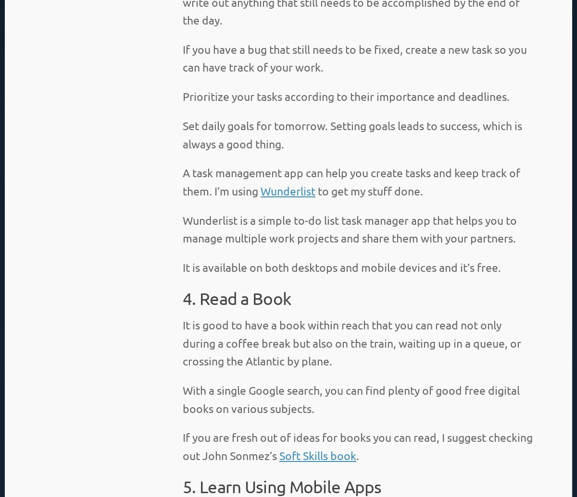 Image resolution: width=577 pixels, height=497 pixels. What do you see at coordinates (352, 342) in the screenshot?
I see `'It is good to have a book within reach that you can read not only during a coffee break but also on the train, waiting up in a queue, or crossing the Atlantic by plane.'` at bounding box center [352, 342].